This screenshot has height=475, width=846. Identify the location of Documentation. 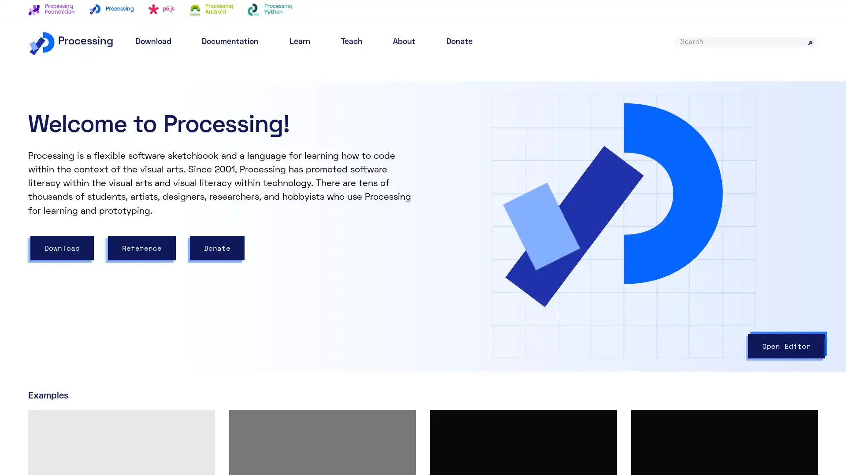
(230, 41).